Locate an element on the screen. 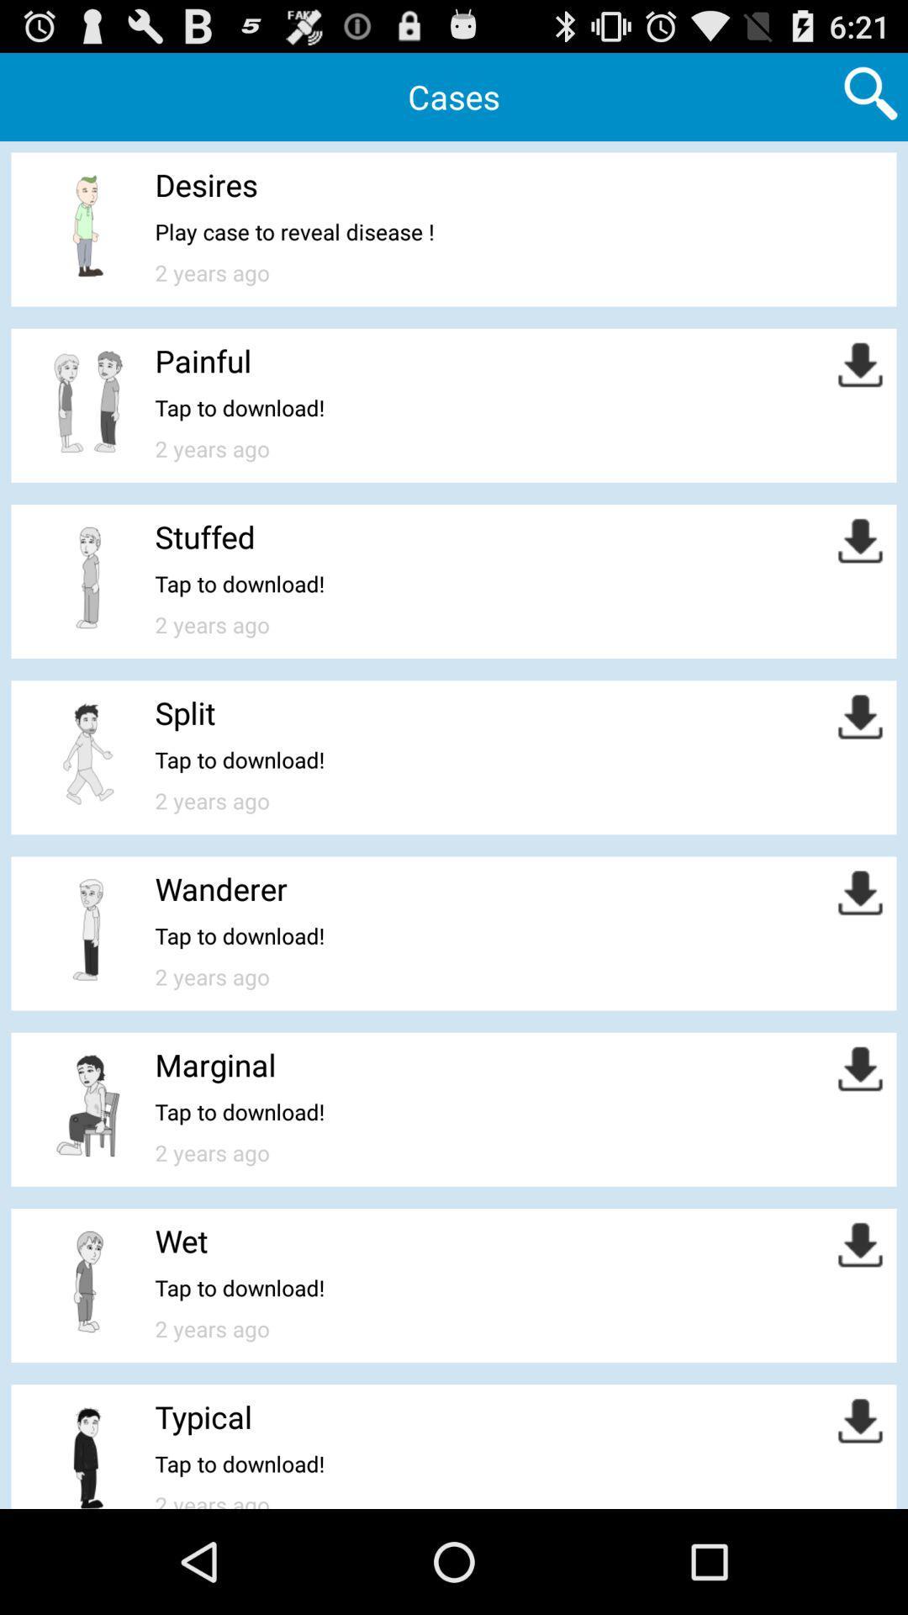  app above the tap to download! app is located at coordinates (185, 712).